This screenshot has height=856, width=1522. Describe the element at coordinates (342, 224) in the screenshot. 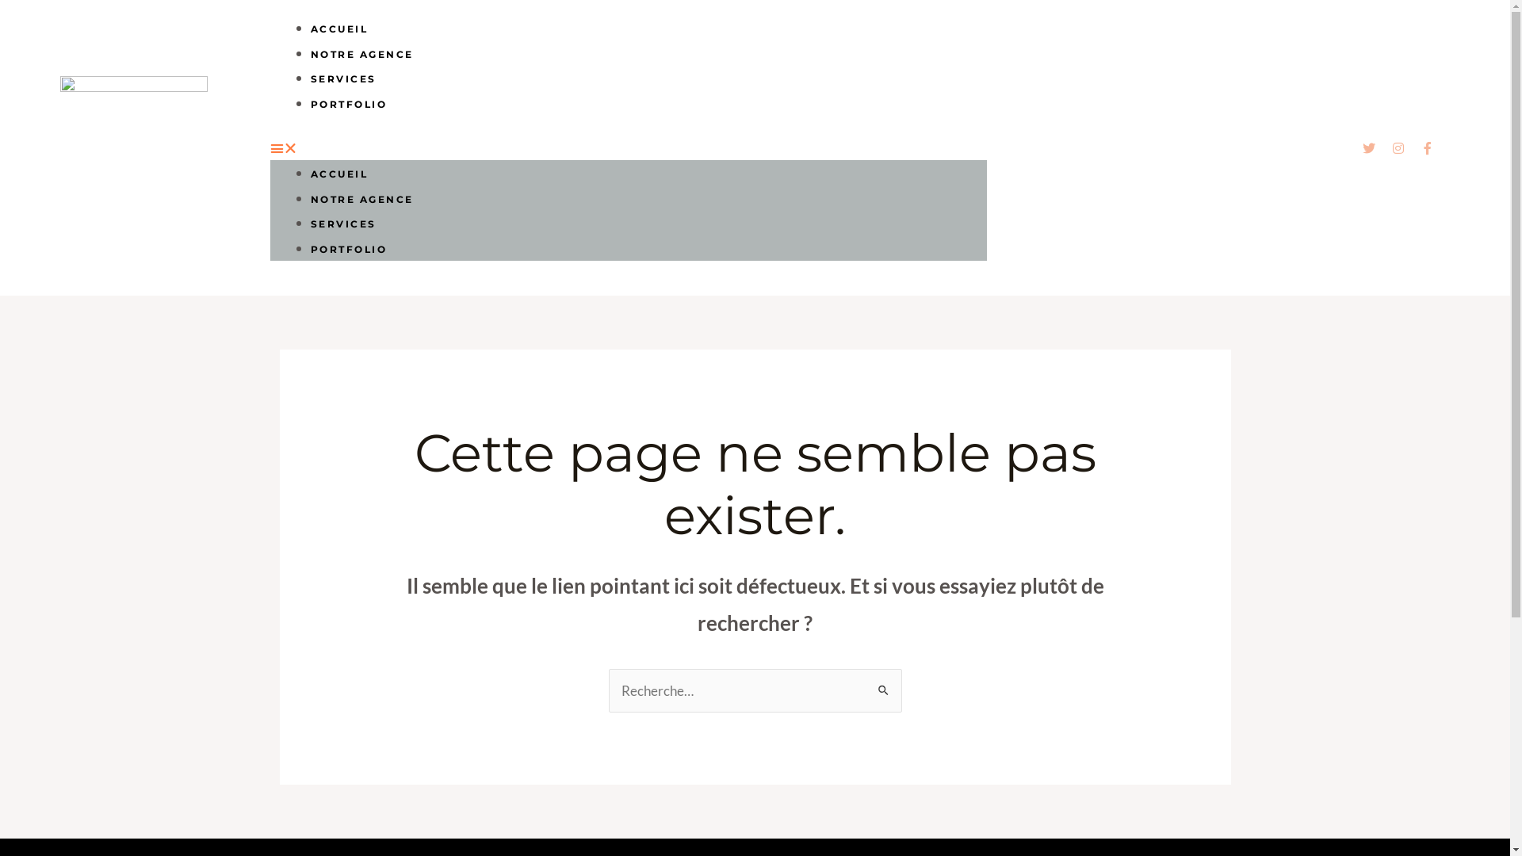

I see `'SERVICES'` at that location.